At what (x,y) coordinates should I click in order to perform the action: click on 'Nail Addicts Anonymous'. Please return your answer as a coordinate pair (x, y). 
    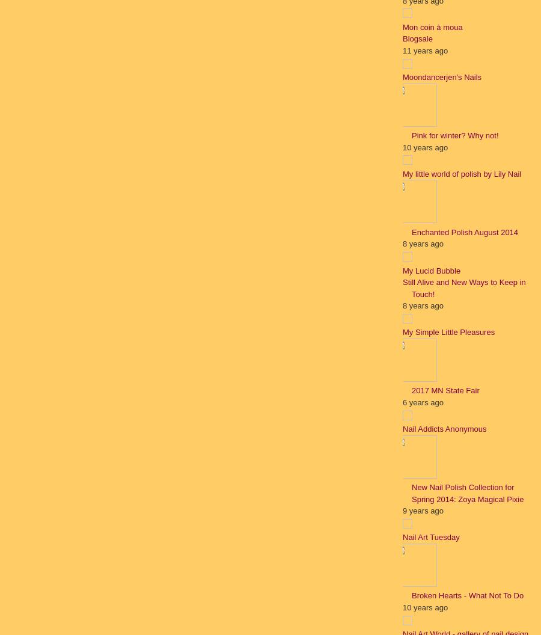
    Looking at the image, I should click on (444, 429).